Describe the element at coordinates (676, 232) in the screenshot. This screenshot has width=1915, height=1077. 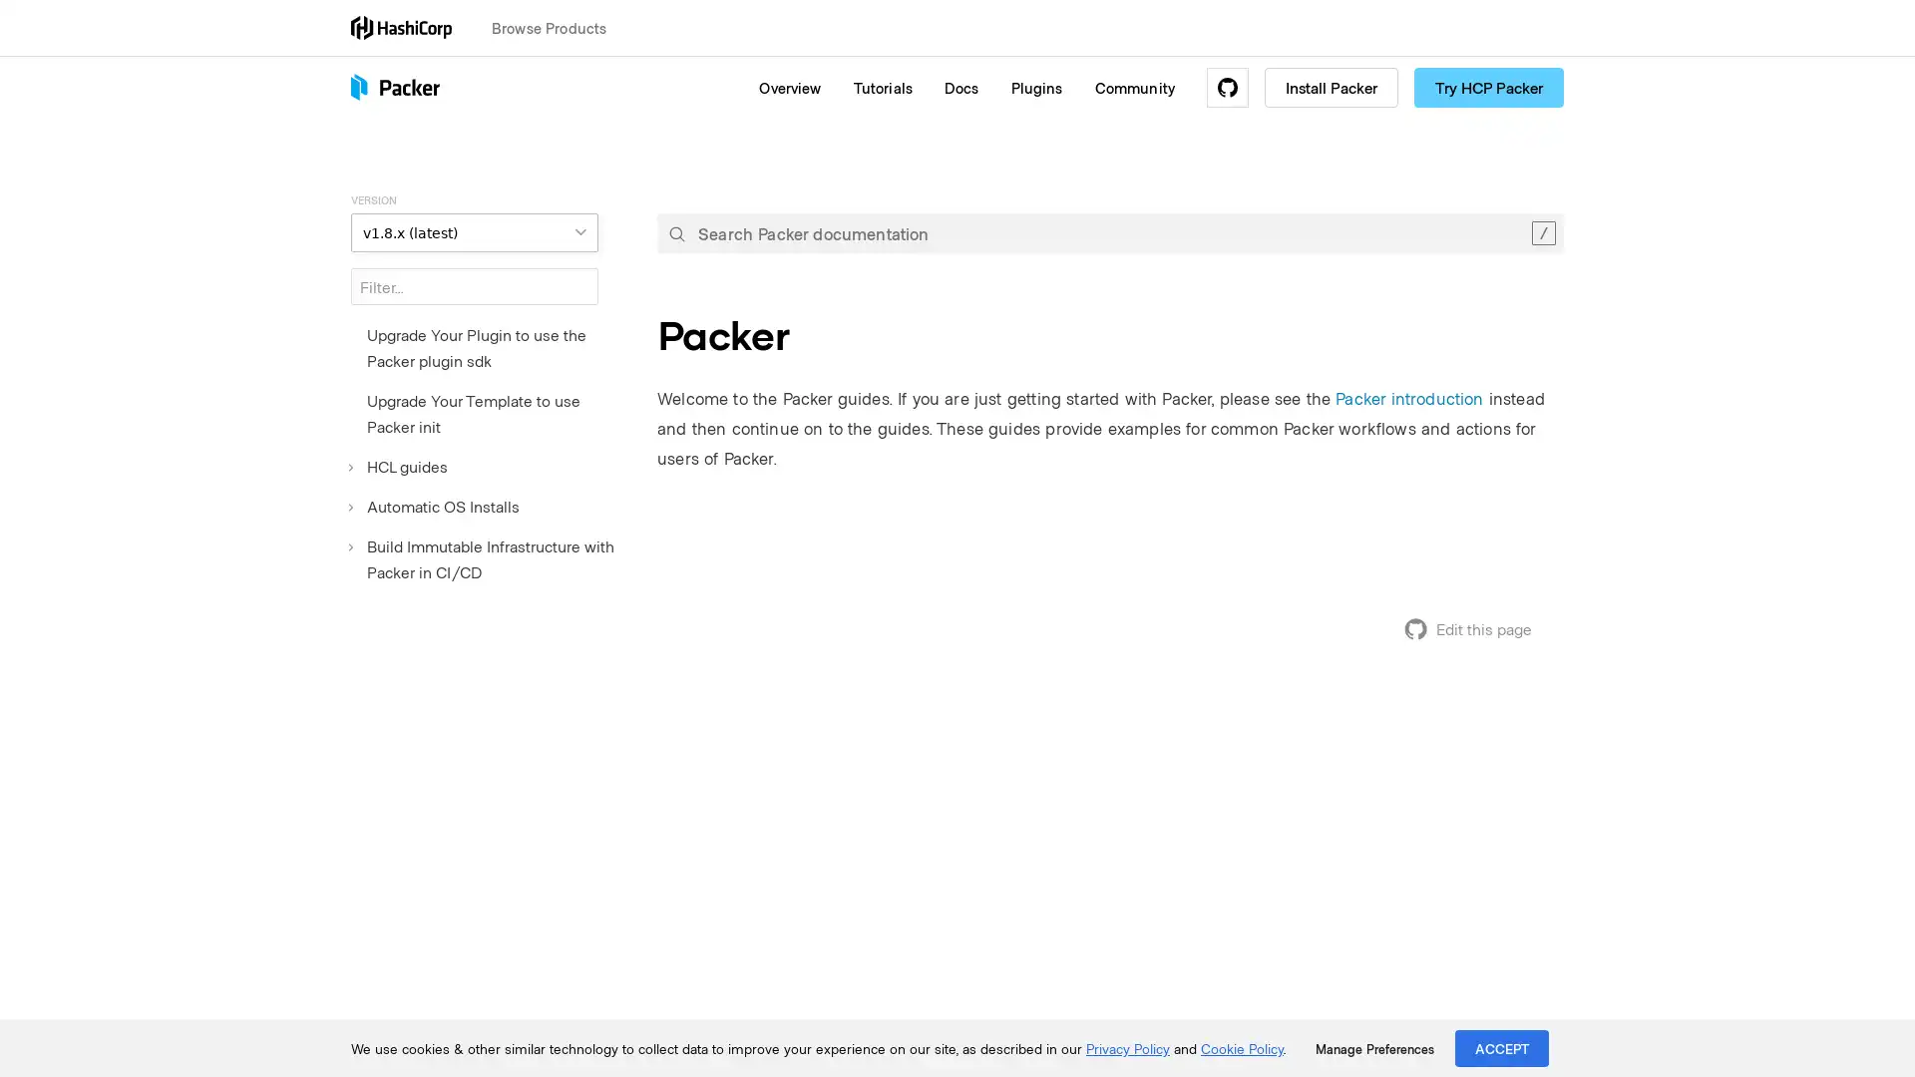
I see `Submit your search query.` at that location.